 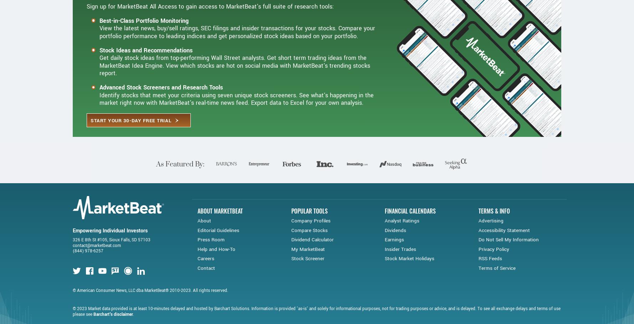 What do you see at coordinates (477, 267) in the screenshot?
I see `'Do Not Sell My Information'` at bounding box center [477, 267].